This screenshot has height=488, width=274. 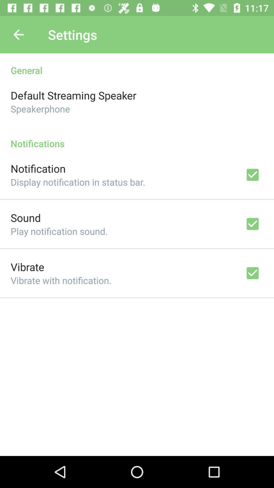 I want to click on the default streaming speaker item, so click(x=73, y=95).